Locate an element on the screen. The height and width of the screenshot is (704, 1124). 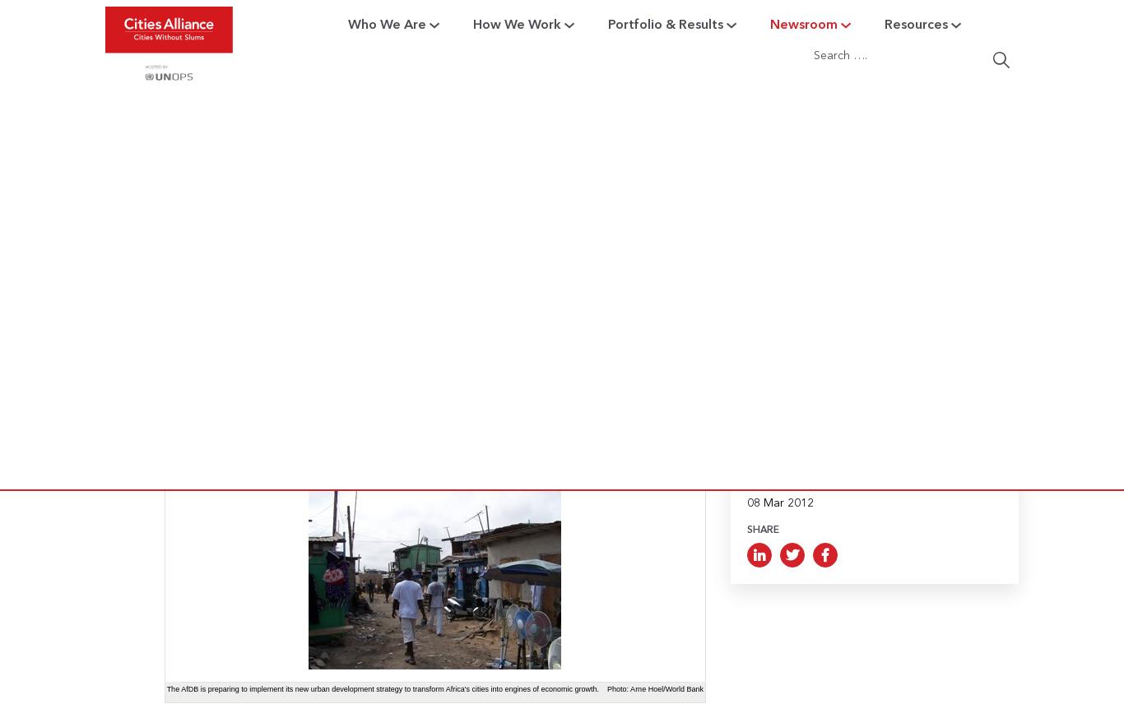
'Building Resilience in Informal Settlements' is located at coordinates (525, 459).